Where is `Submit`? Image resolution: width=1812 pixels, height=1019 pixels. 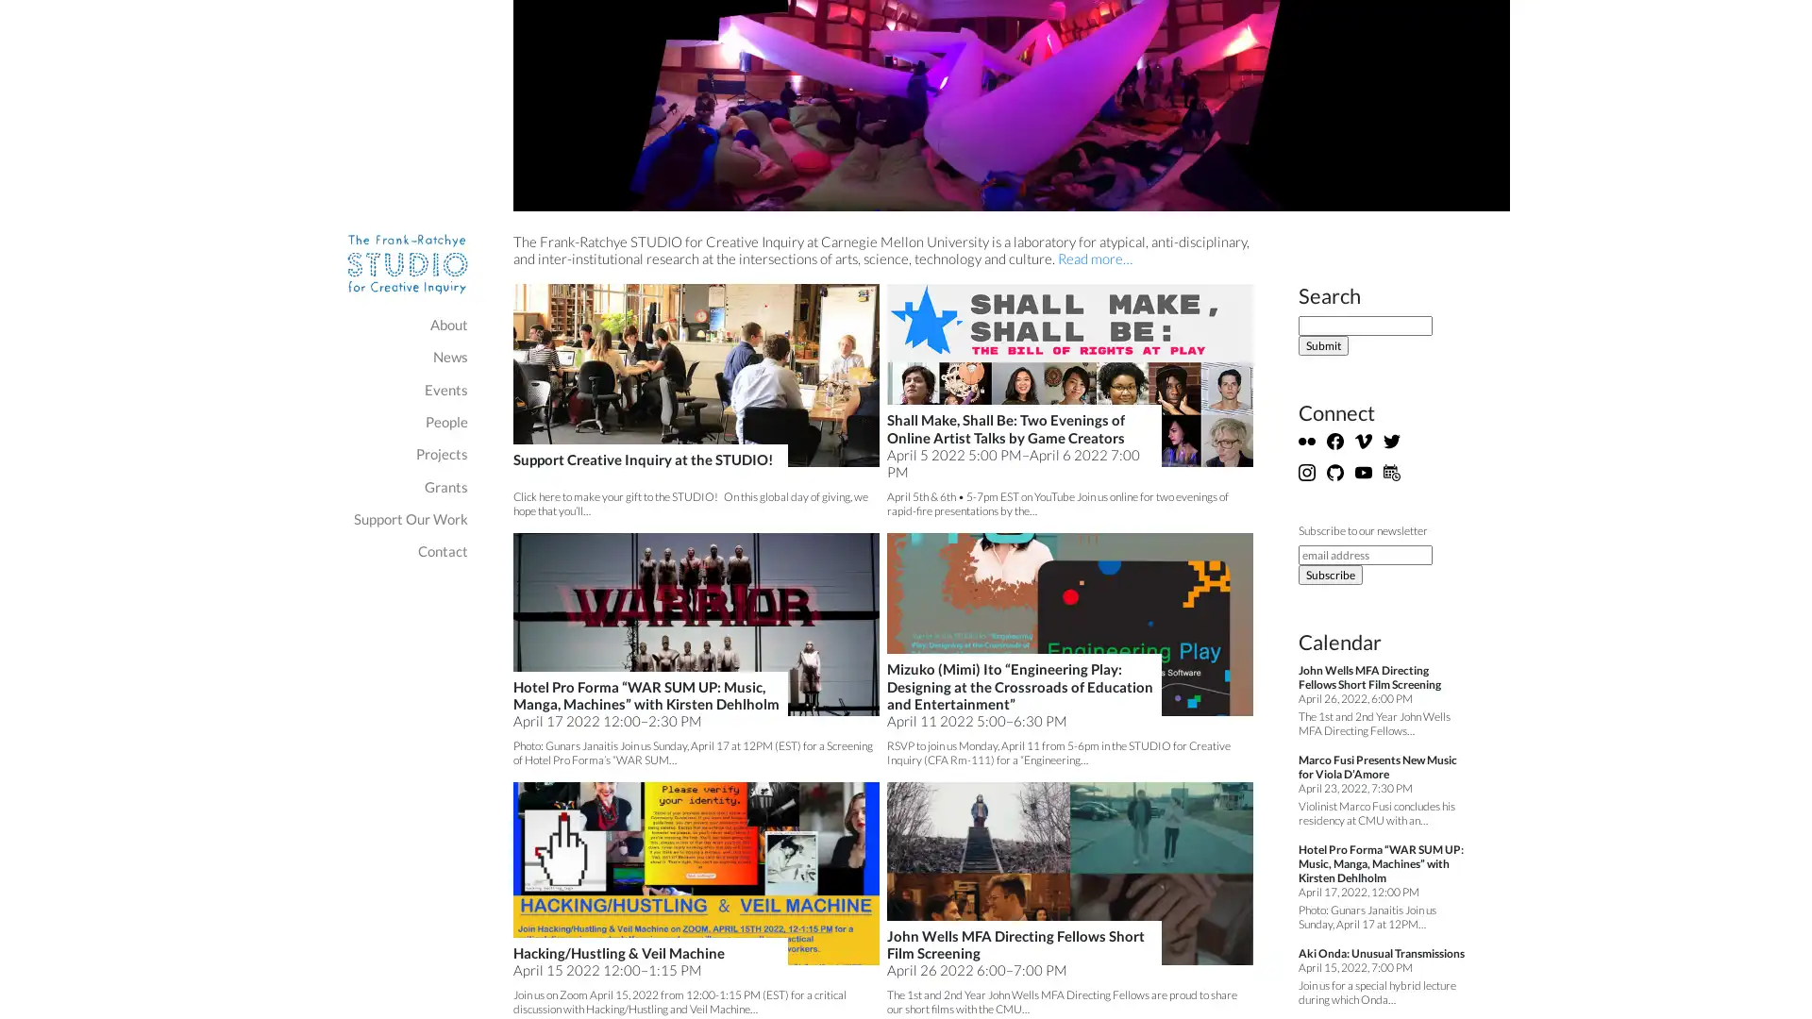
Submit is located at coordinates (1322, 345).